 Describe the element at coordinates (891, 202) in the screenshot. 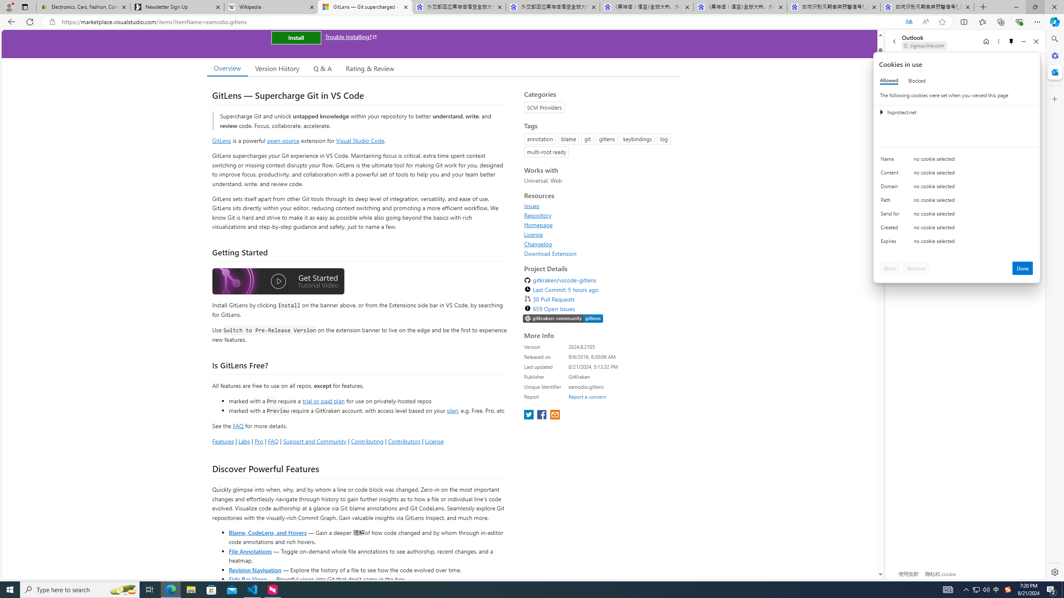

I see `'Path'` at that location.